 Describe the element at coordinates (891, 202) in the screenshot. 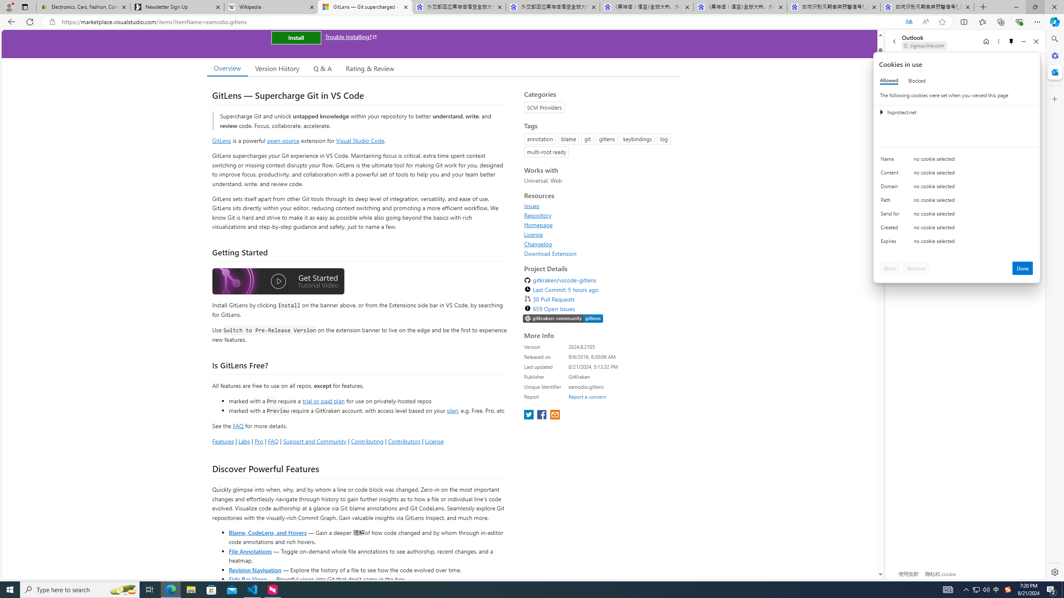

I see `'Path'` at that location.